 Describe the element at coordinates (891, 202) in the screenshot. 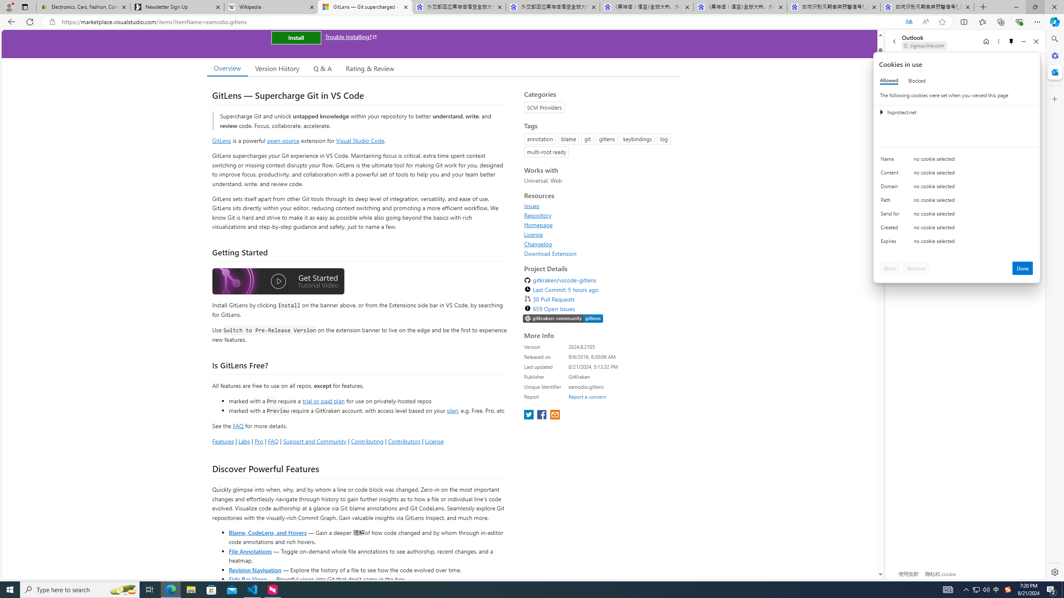

I see `'Path'` at that location.